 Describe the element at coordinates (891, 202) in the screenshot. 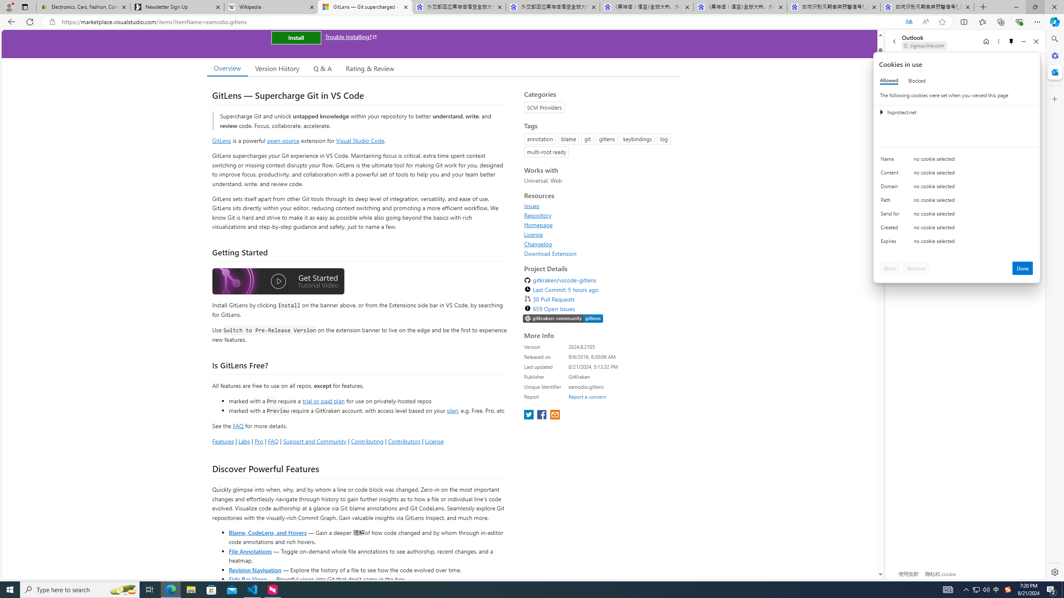

I see `'Path'` at that location.